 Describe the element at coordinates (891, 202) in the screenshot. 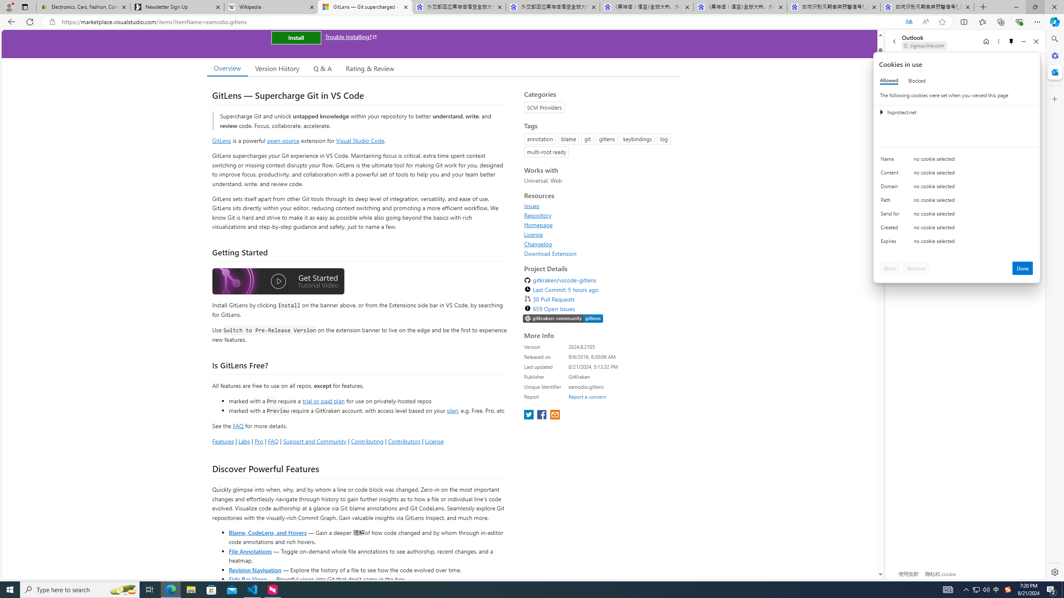

I see `'Path'` at that location.